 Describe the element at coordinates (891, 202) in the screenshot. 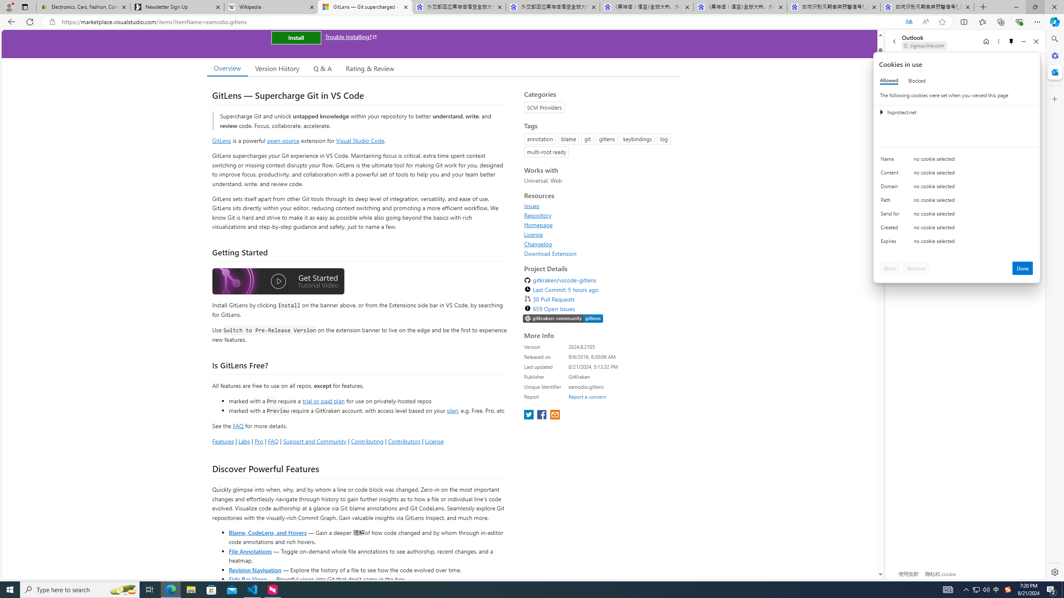

I see `'Path'` at that location.